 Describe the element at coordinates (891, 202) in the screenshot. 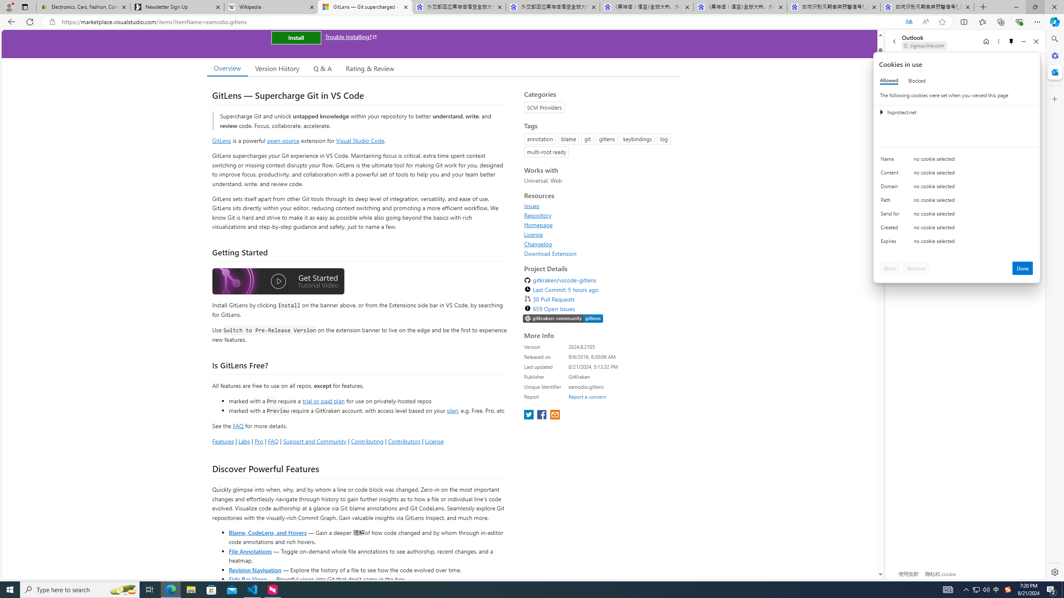

I see `'Path'` at that location.